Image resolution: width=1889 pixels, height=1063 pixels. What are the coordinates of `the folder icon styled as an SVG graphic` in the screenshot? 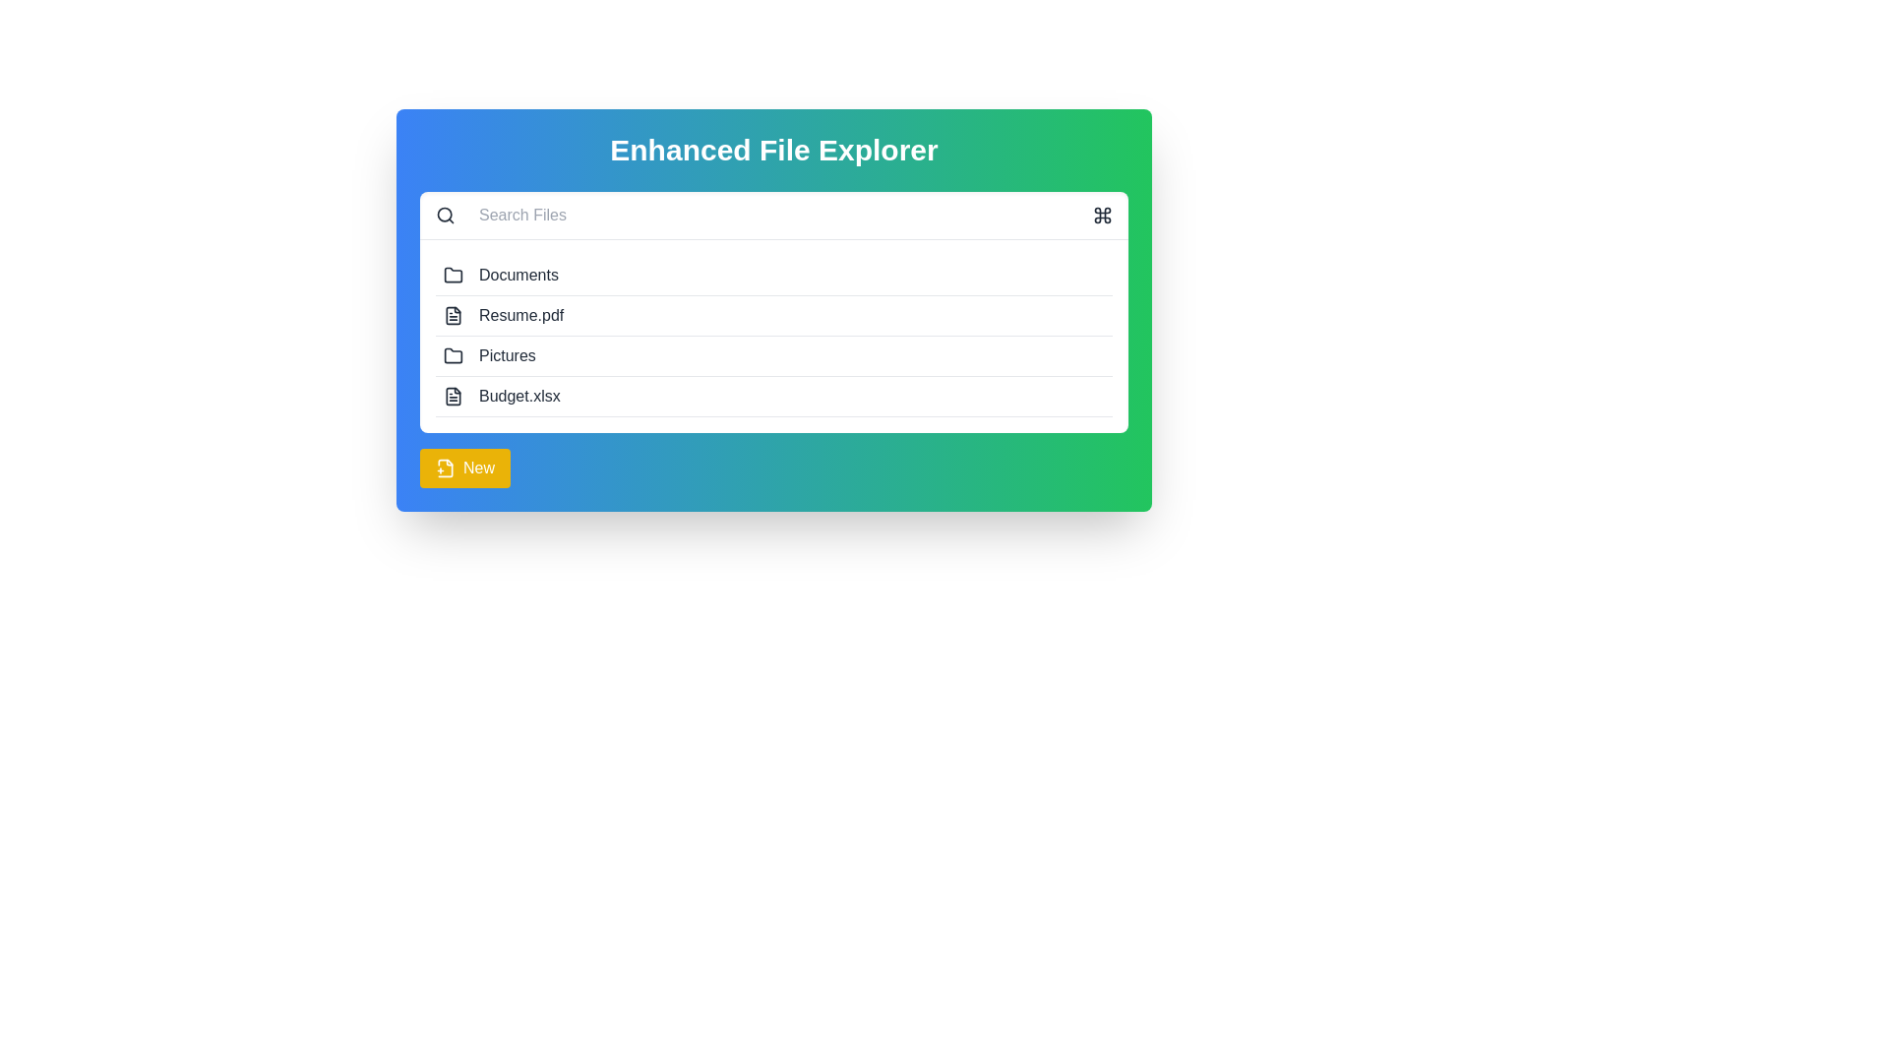 It's located at (452, 276).